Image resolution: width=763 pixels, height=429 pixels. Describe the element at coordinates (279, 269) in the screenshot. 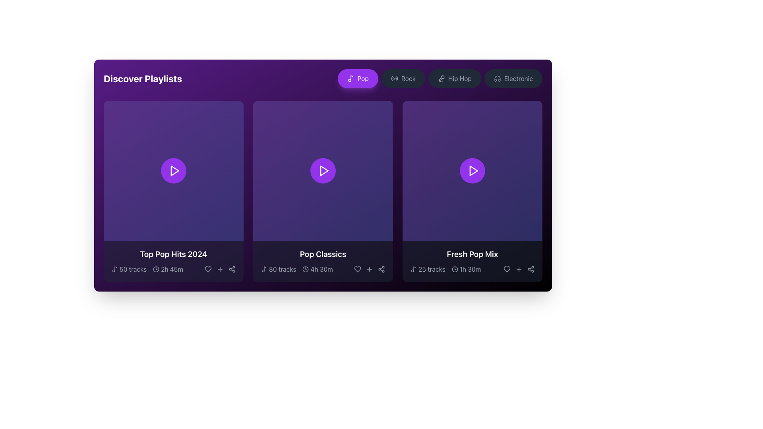

I see `the text label with icon indicating the number of tracks available (80) in the 'Pop Classics' playlist` at that location.